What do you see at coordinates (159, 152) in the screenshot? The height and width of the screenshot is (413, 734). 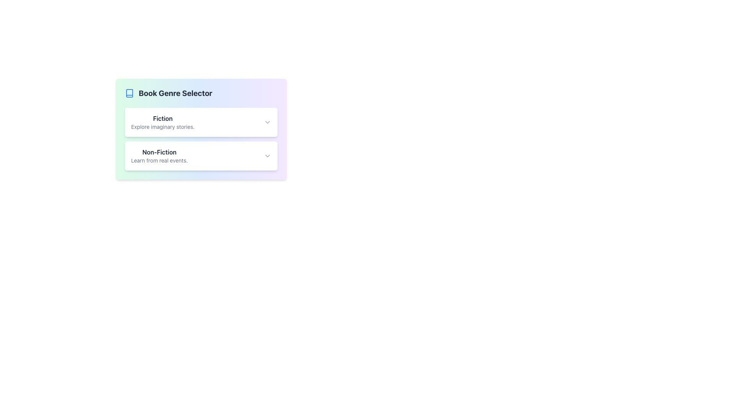 I see `the 'Non-Fiction' text label, which is a bold, medium-sized, dark gray heading located between 'Fiction' and a subtext about learning from real events` at bounding box center [159, 152].